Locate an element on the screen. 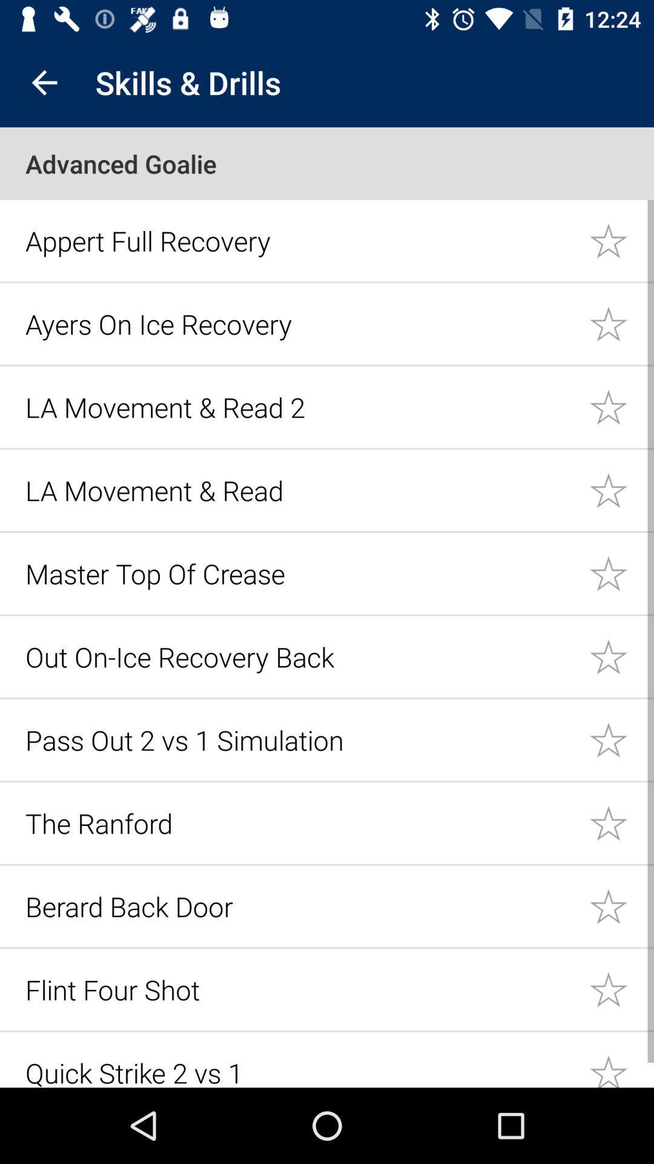 Image resolution: width=654 pixels, height=1164 pixels. make favorite is located at coordinates (621, 1060).